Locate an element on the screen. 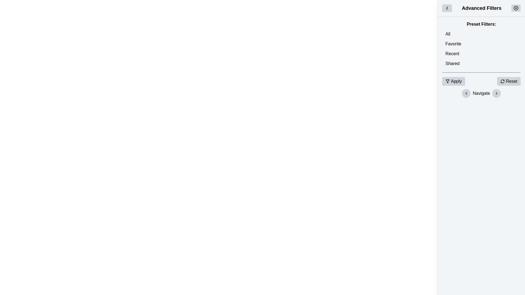 This screenshot has height=295, width=525. the 'All' button located at the top of the 'Preset Filters' section in the right sidebar is located at coordinates (481, 34).